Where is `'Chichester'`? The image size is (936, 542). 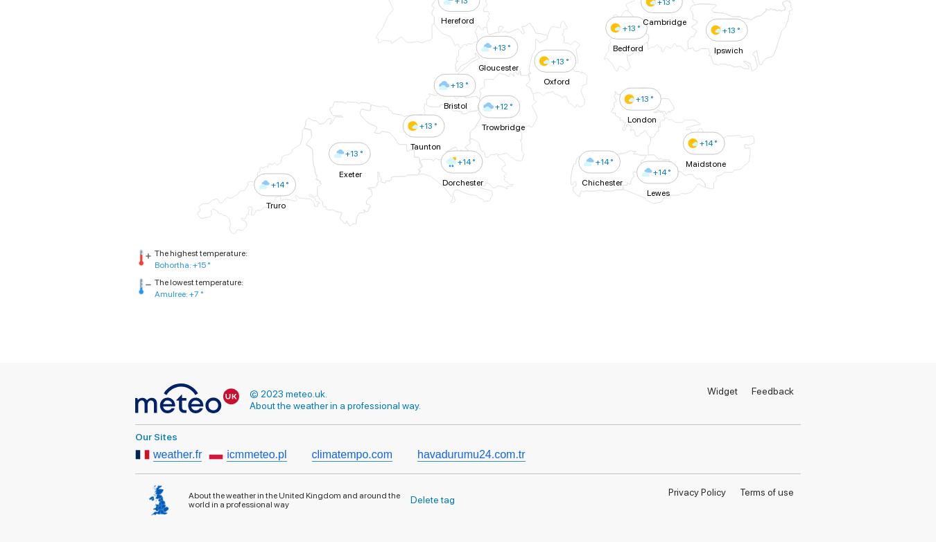 'Chichester' is located at coordinates (602, 182).